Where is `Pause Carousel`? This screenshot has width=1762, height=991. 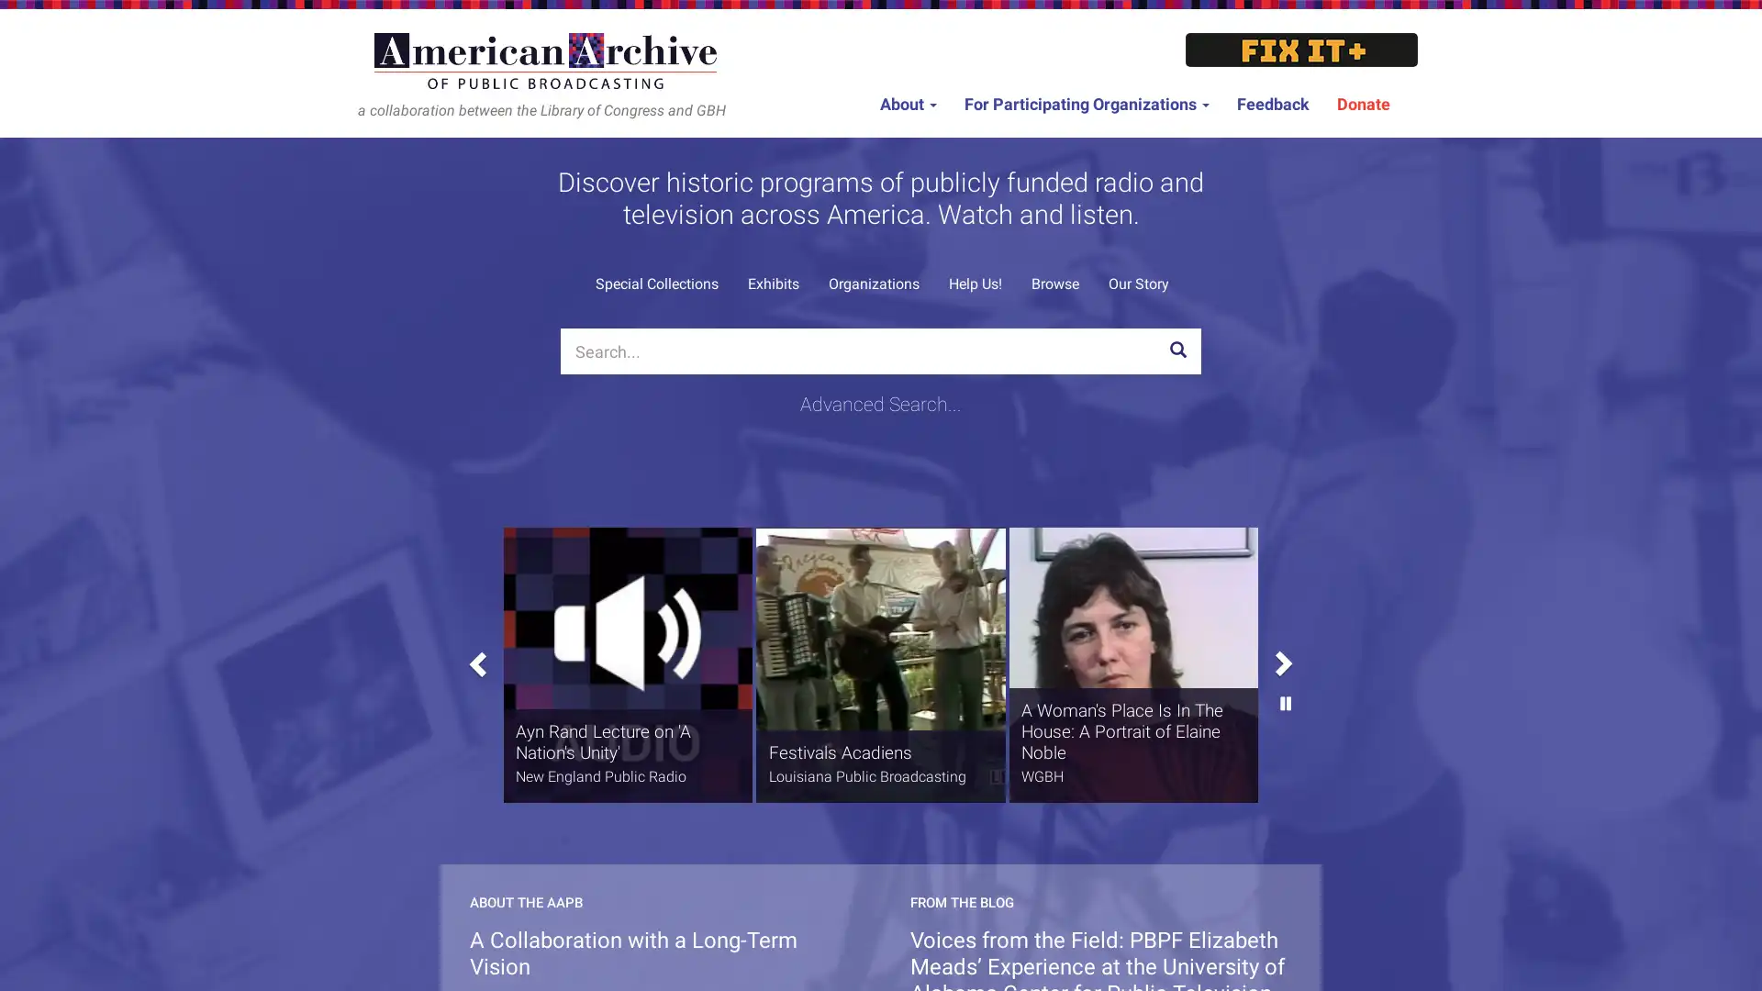 Pause Carousel is located at coordinates (1285, 764).